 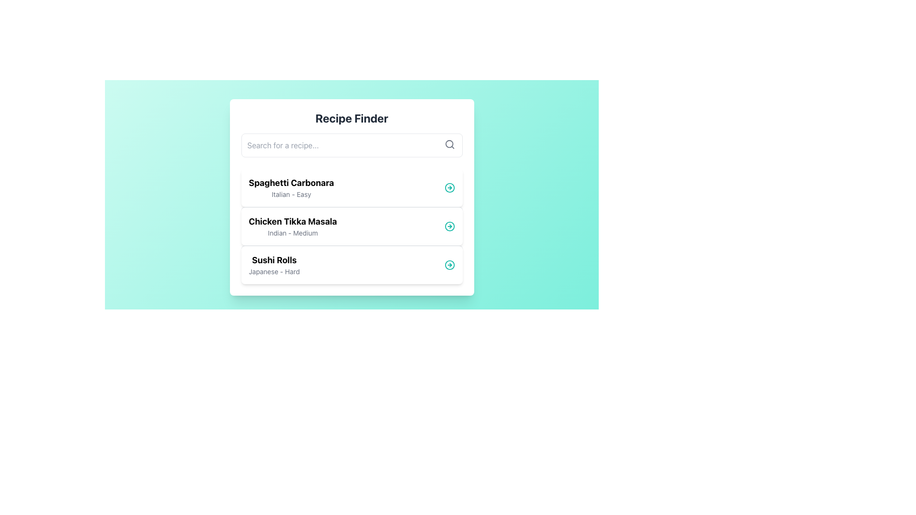 What do you see at coordinates (291, 194) in the screenshot?
I see `the Text Display element that contains the text 'Italian - Easy', which is styled smaller in size and gray-colored, located below the bold title 'Spaghetti Carbonara'` at bounding box center [291, 194].